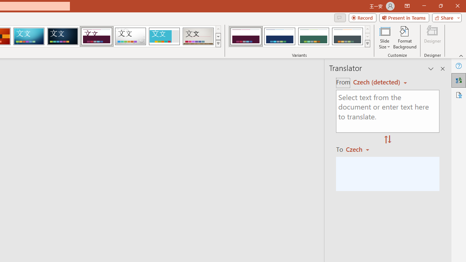 This screenshot has height=262, width=466. What do you see at coordinates (384, 37) in the screenshot?
I see `'Slide Size'` at bounding box center [384, 37].